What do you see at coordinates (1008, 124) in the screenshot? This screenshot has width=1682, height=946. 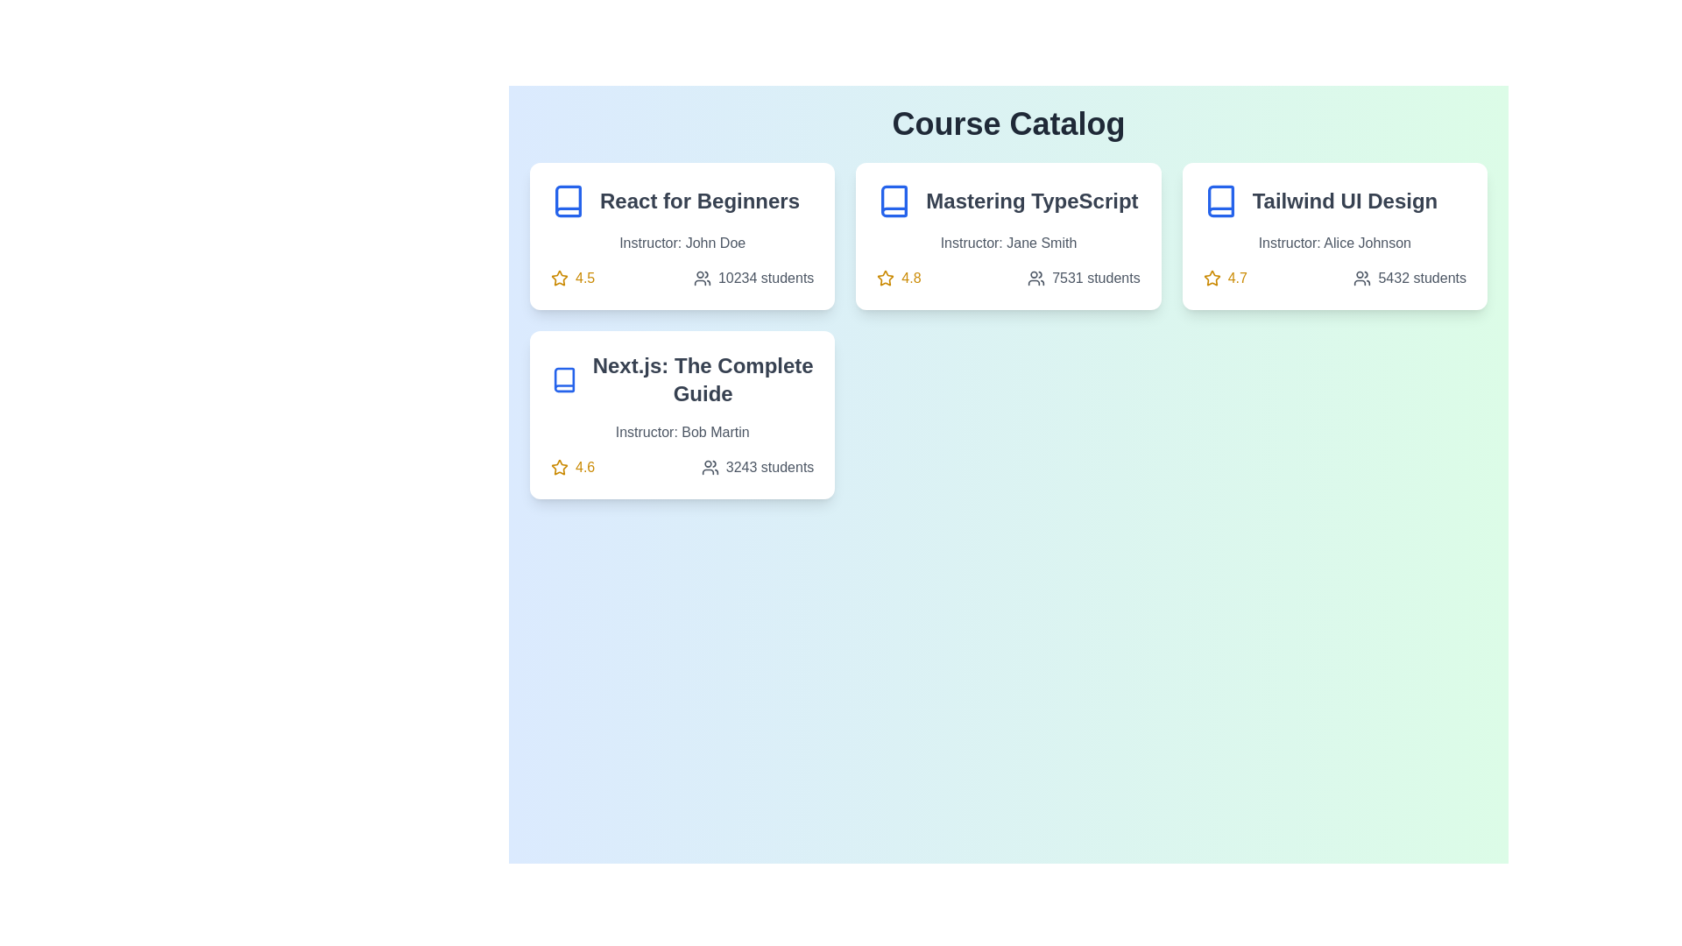 I see `prominently displayed text header 'Course Catalog' which is centered at the top of the interface` at bounding box center [1008, 124].